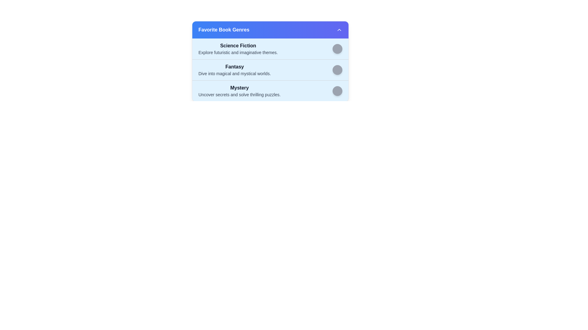 The height and width of the screenshot is (330, 588). What do you see at coordinates (239, 91) in the screenshot?
I see `the 'Mystery' book genre text block, which is the third item in the vertical list of book genres, located directly below the 'Fantasy' item and above the blue circular button` at bounding box center [239, 91].